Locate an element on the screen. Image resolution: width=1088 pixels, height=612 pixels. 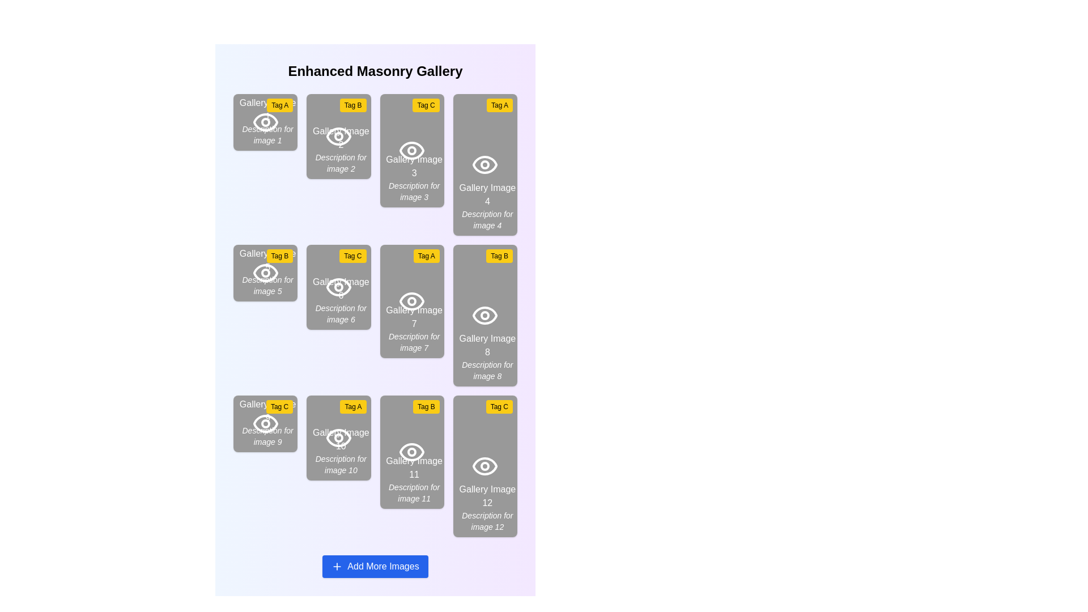
the text label that reads 'Description for image 11', which is displayed in italic font inside a gray box, located directly below the text 'Gallery Image 11' is located at coordinates (414, 492).